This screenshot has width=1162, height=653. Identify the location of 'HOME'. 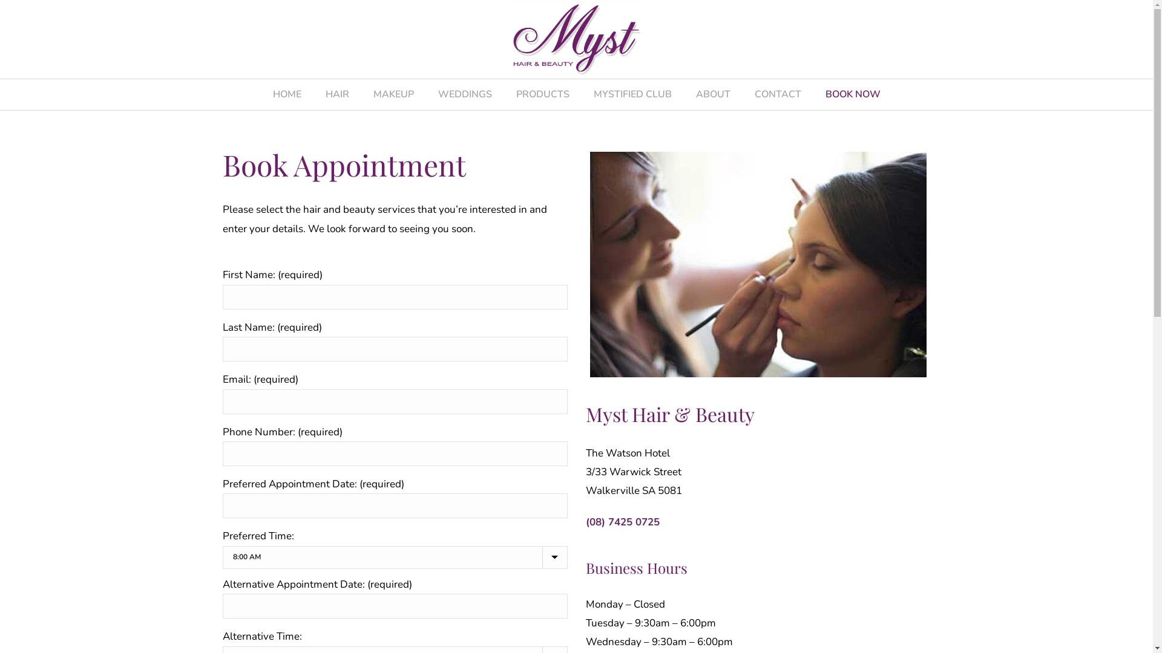
(286, 94).